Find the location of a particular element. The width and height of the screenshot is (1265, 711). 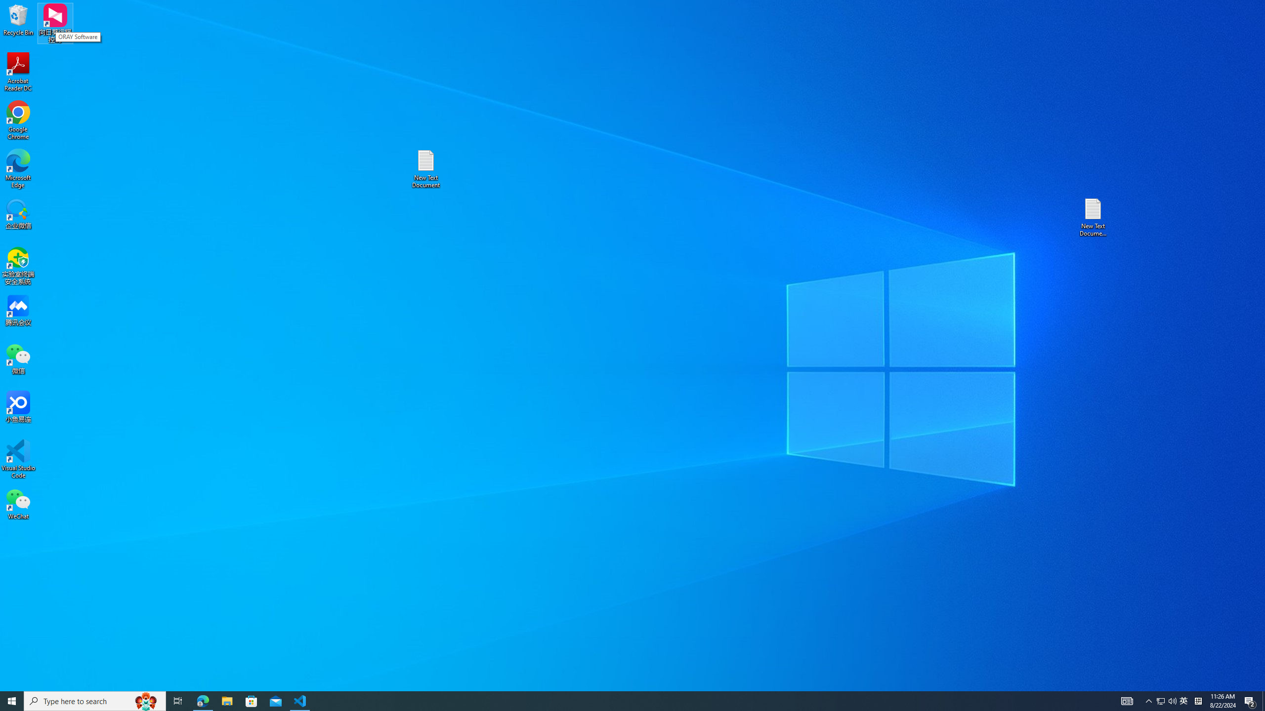

'Search highlights icon opens search home window' is located at coordinates (145, 700).